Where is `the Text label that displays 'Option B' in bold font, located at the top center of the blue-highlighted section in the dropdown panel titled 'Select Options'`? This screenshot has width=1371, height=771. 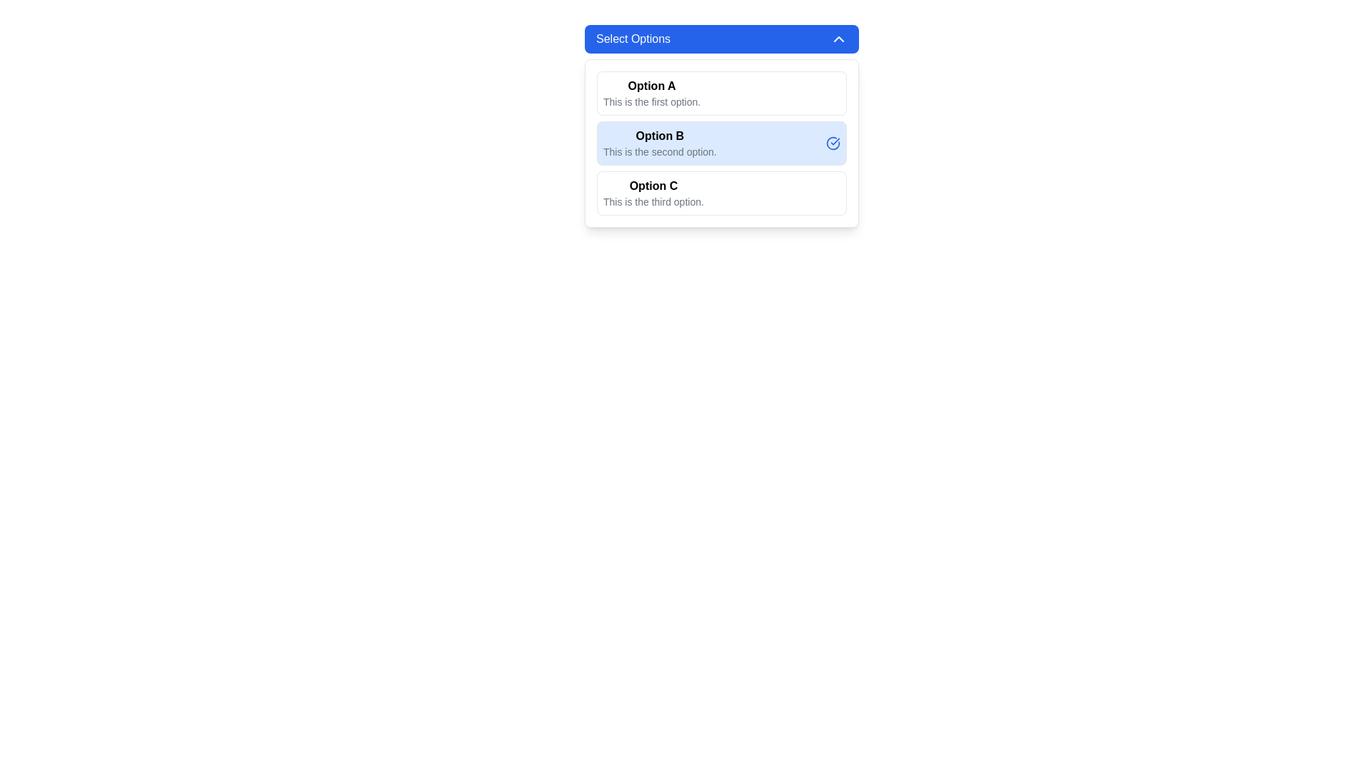 the Text label that displays 'Option B' in bold font, located at the top center of the blue-highlighted section in the dropdown panel titled 'Select Options' is located at coordinates (659, 136).